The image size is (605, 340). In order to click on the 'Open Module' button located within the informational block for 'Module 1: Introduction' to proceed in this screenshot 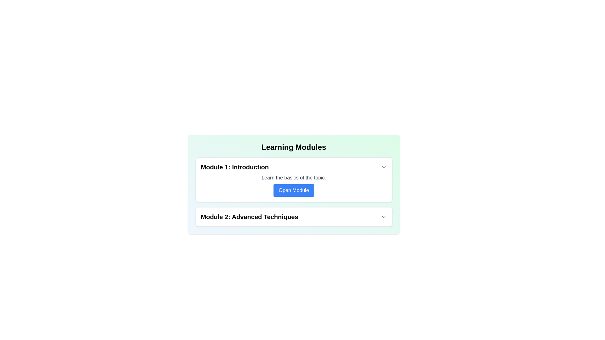, I will do `click(293, 185)`.